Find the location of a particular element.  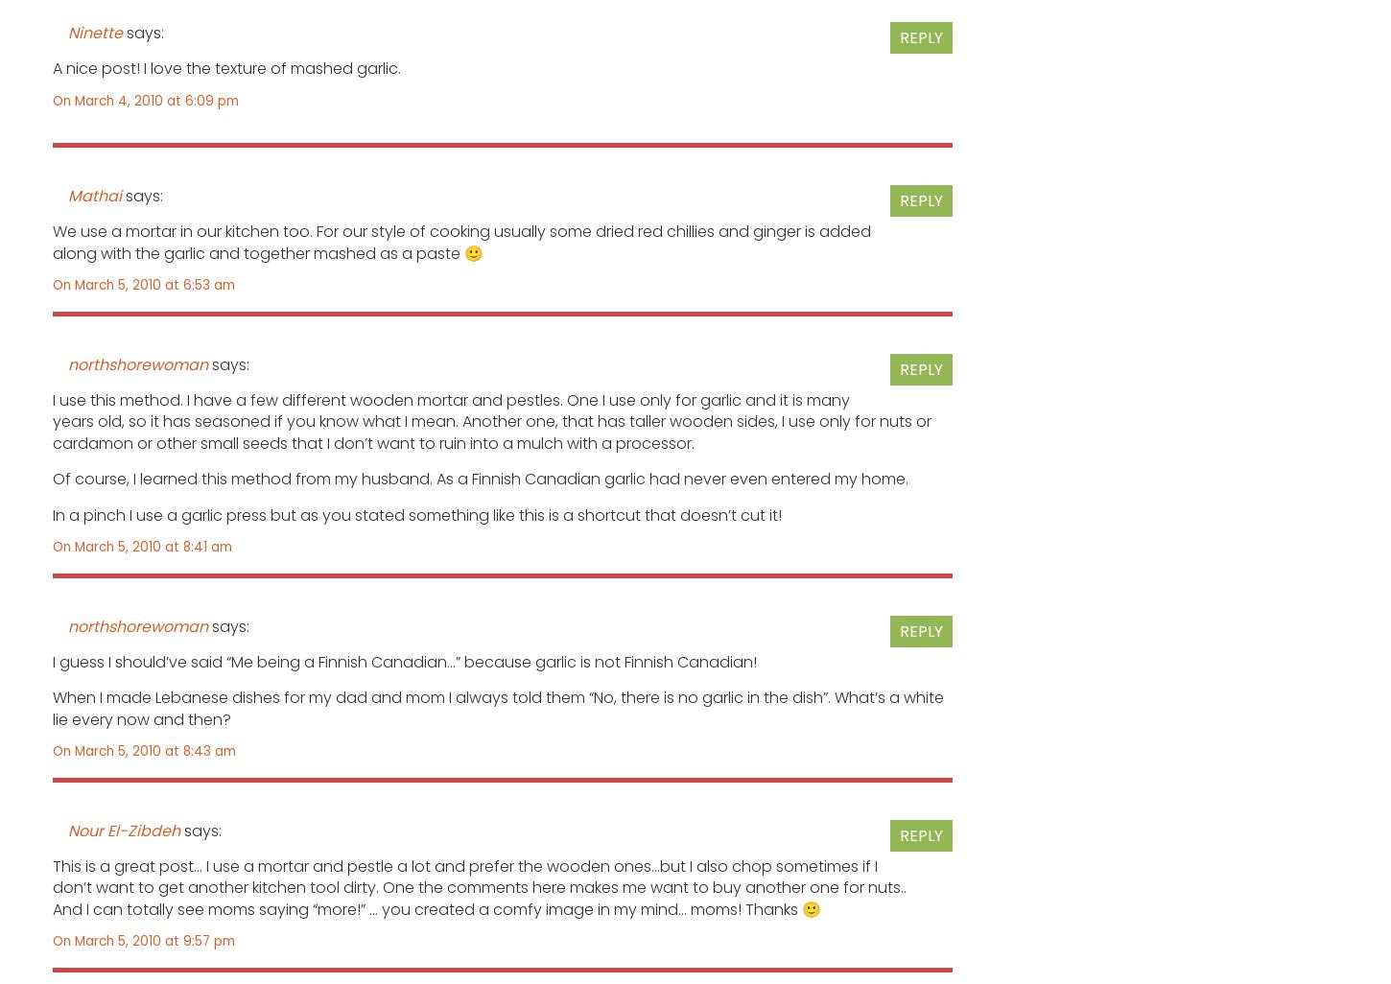

'I guess I should’ve said “Me being a Finnish Canadian…” because garlic is not Finnish Canadian!' is located at coordinates (403, 660).